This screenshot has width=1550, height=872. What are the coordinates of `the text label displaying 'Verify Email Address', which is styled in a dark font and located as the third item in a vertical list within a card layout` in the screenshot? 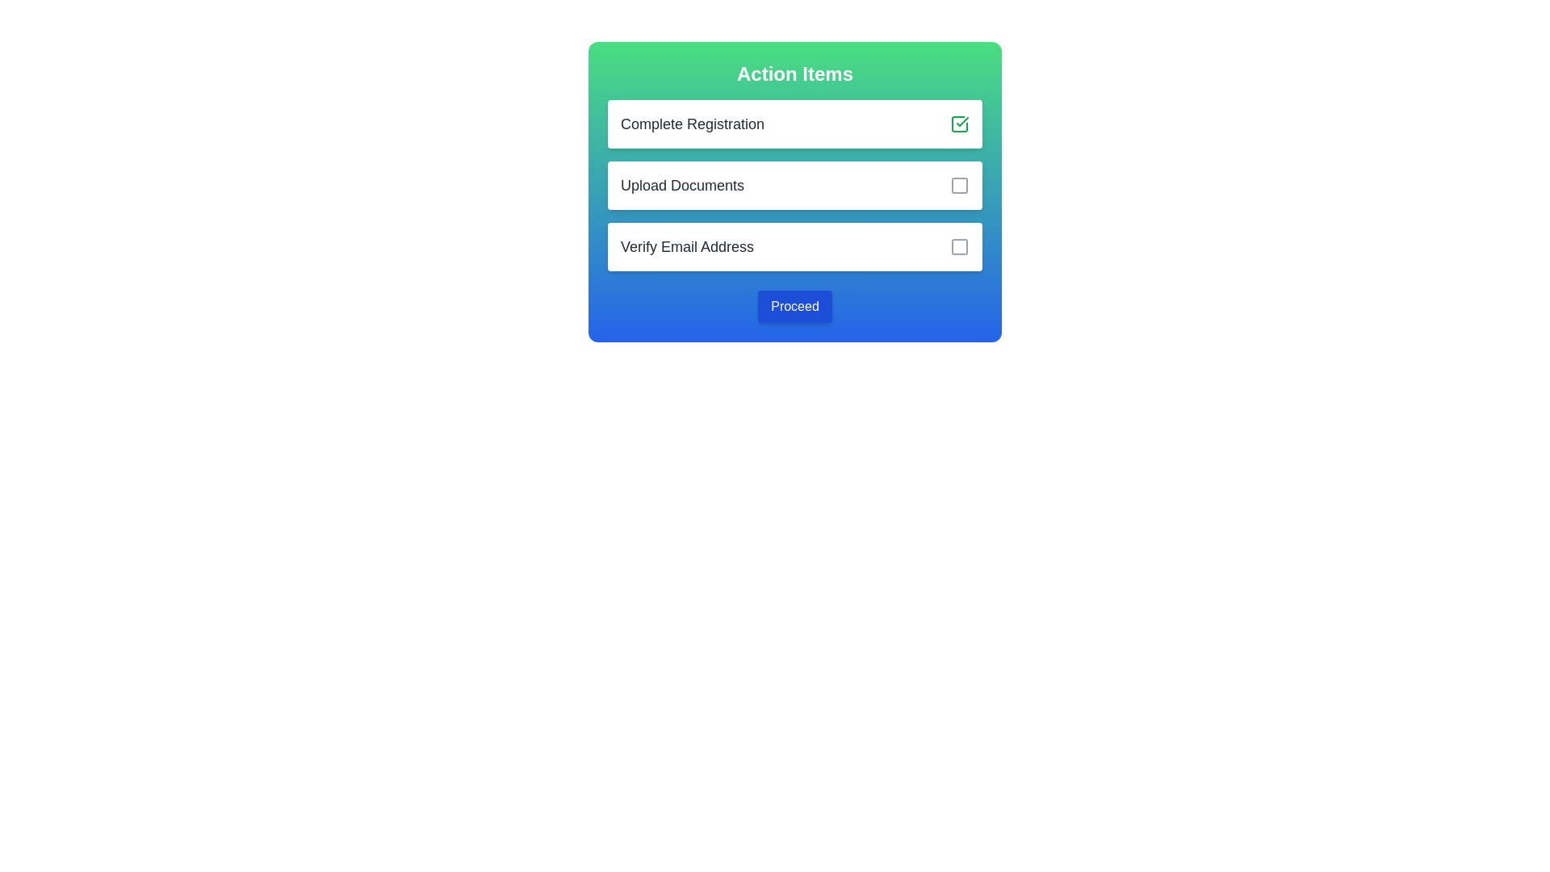 It's located at (687, 246).